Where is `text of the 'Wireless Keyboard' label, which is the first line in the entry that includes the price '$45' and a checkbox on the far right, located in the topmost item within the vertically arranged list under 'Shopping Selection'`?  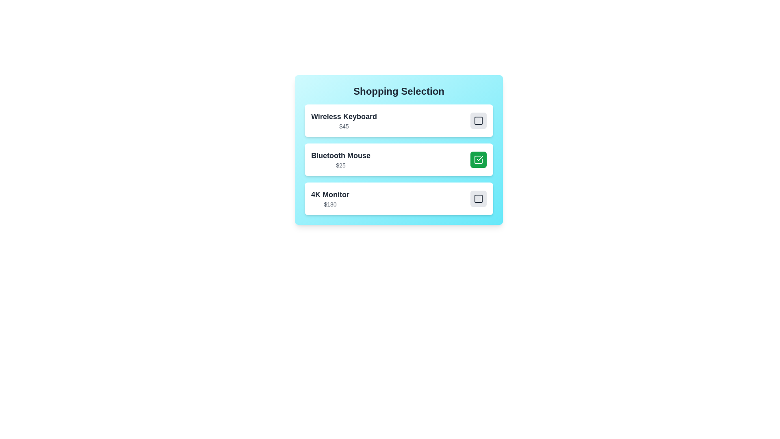 text of the 'Wireless Keyboard' label, which is the first line in the entry that includes the price '$45' and a checkbox on the far right, located in the topmost item within the vertically arranged list under 'Shopping Selection' is located at coordinates (344, 116).